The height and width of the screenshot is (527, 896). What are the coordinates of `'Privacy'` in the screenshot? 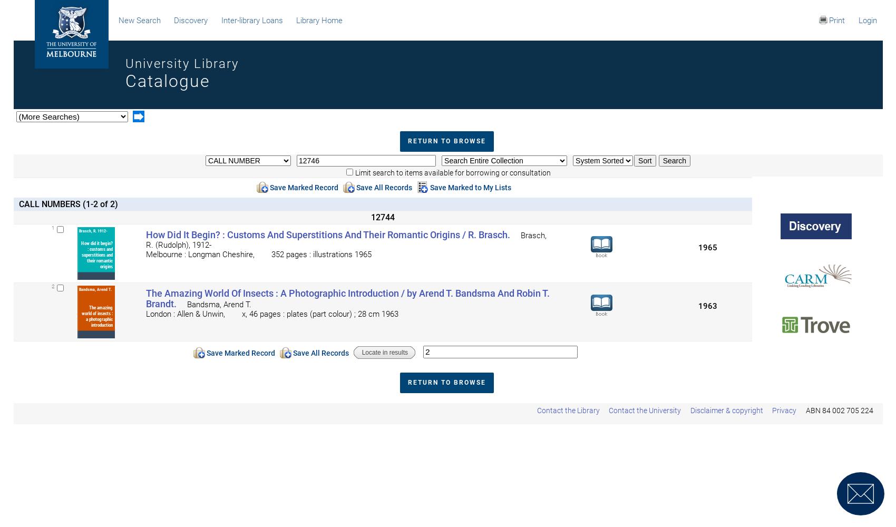 It's located at (784, 410).